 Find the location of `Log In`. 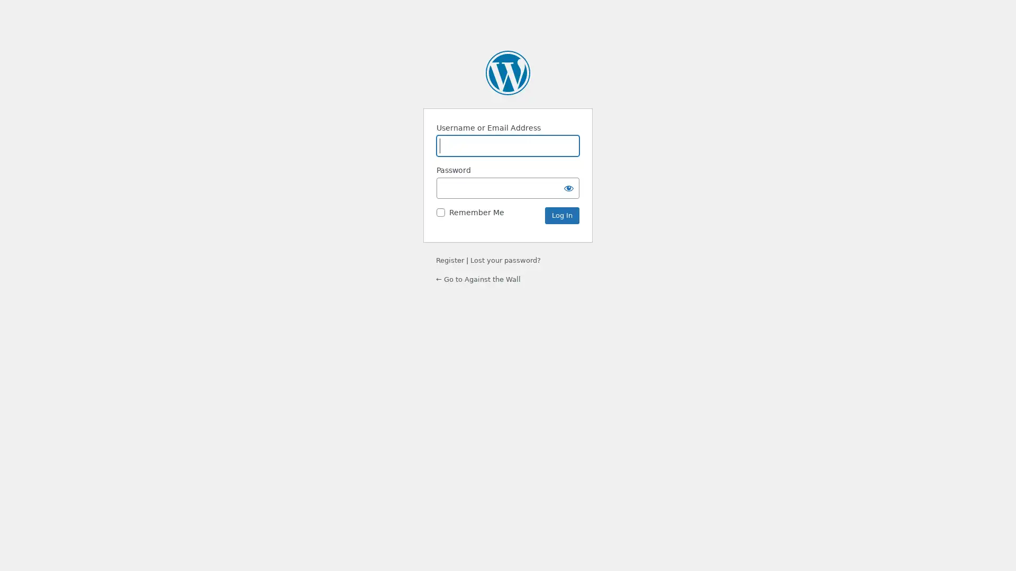

Log In is located at coordinates (561, 215).